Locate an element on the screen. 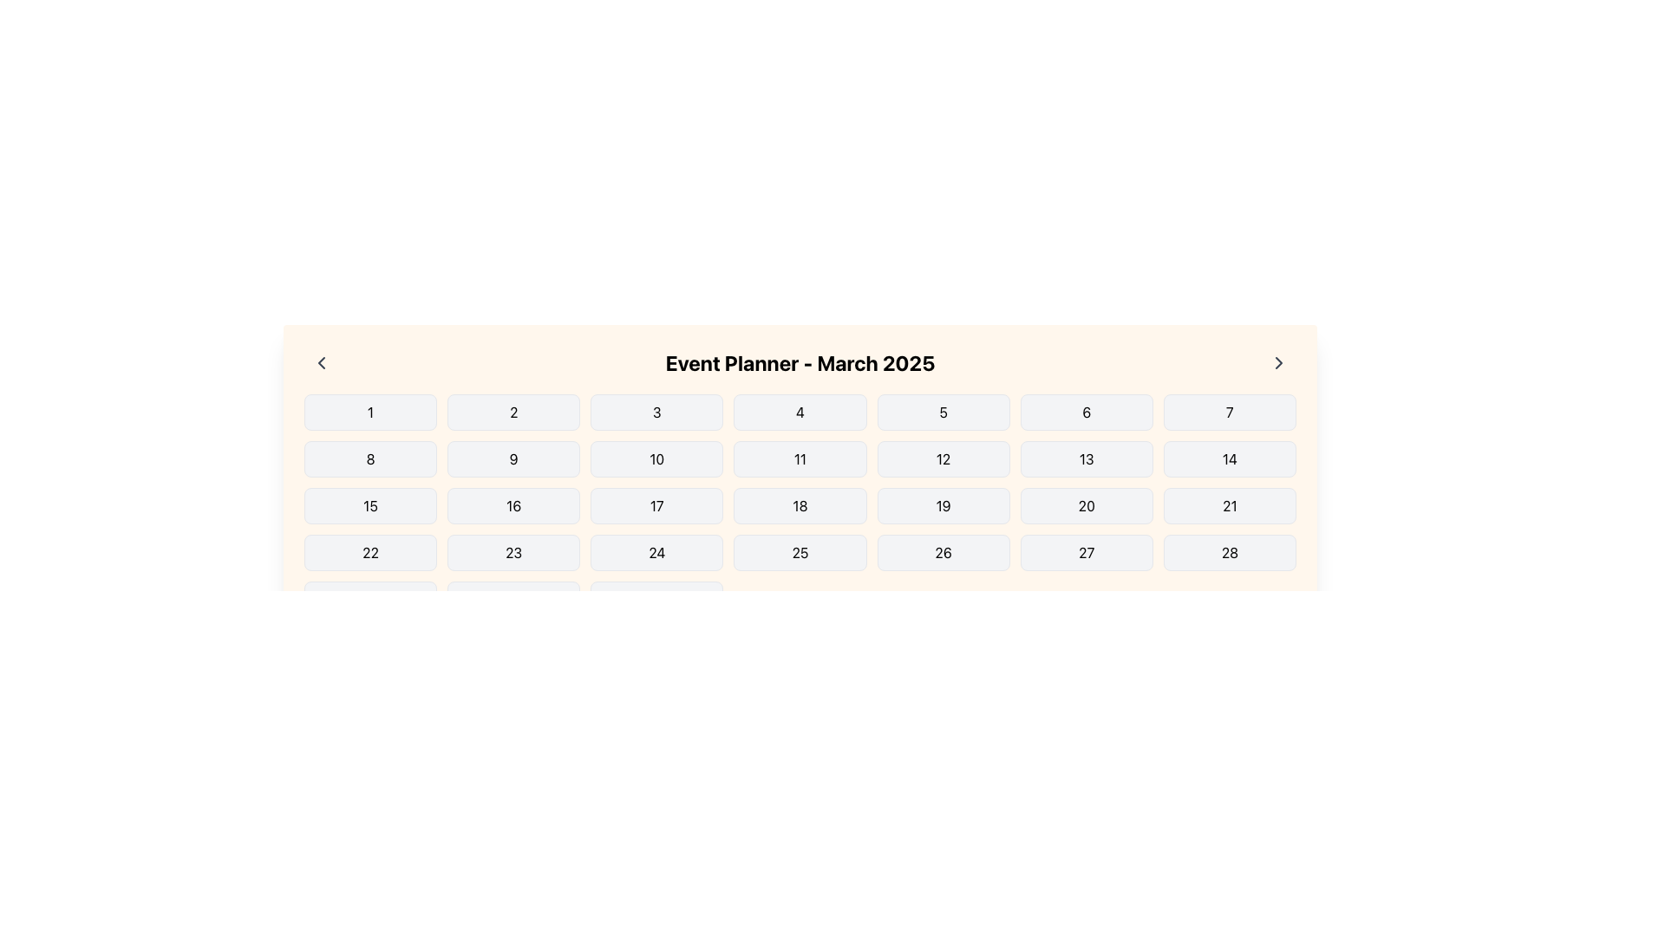  the left-chevron arrow icon located adjacent to the header 'Event Planner - March 2025' is located at coordinates (321, 362).